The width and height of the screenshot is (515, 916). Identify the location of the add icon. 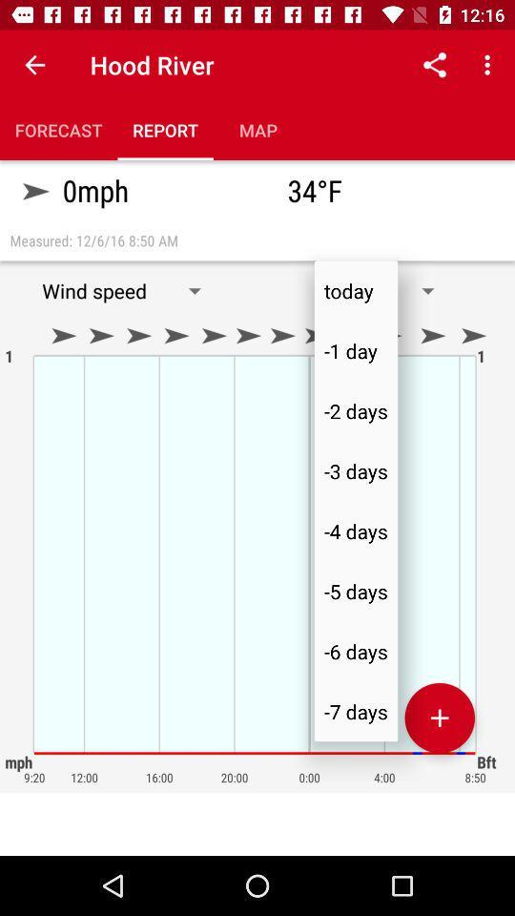
(440, 717).